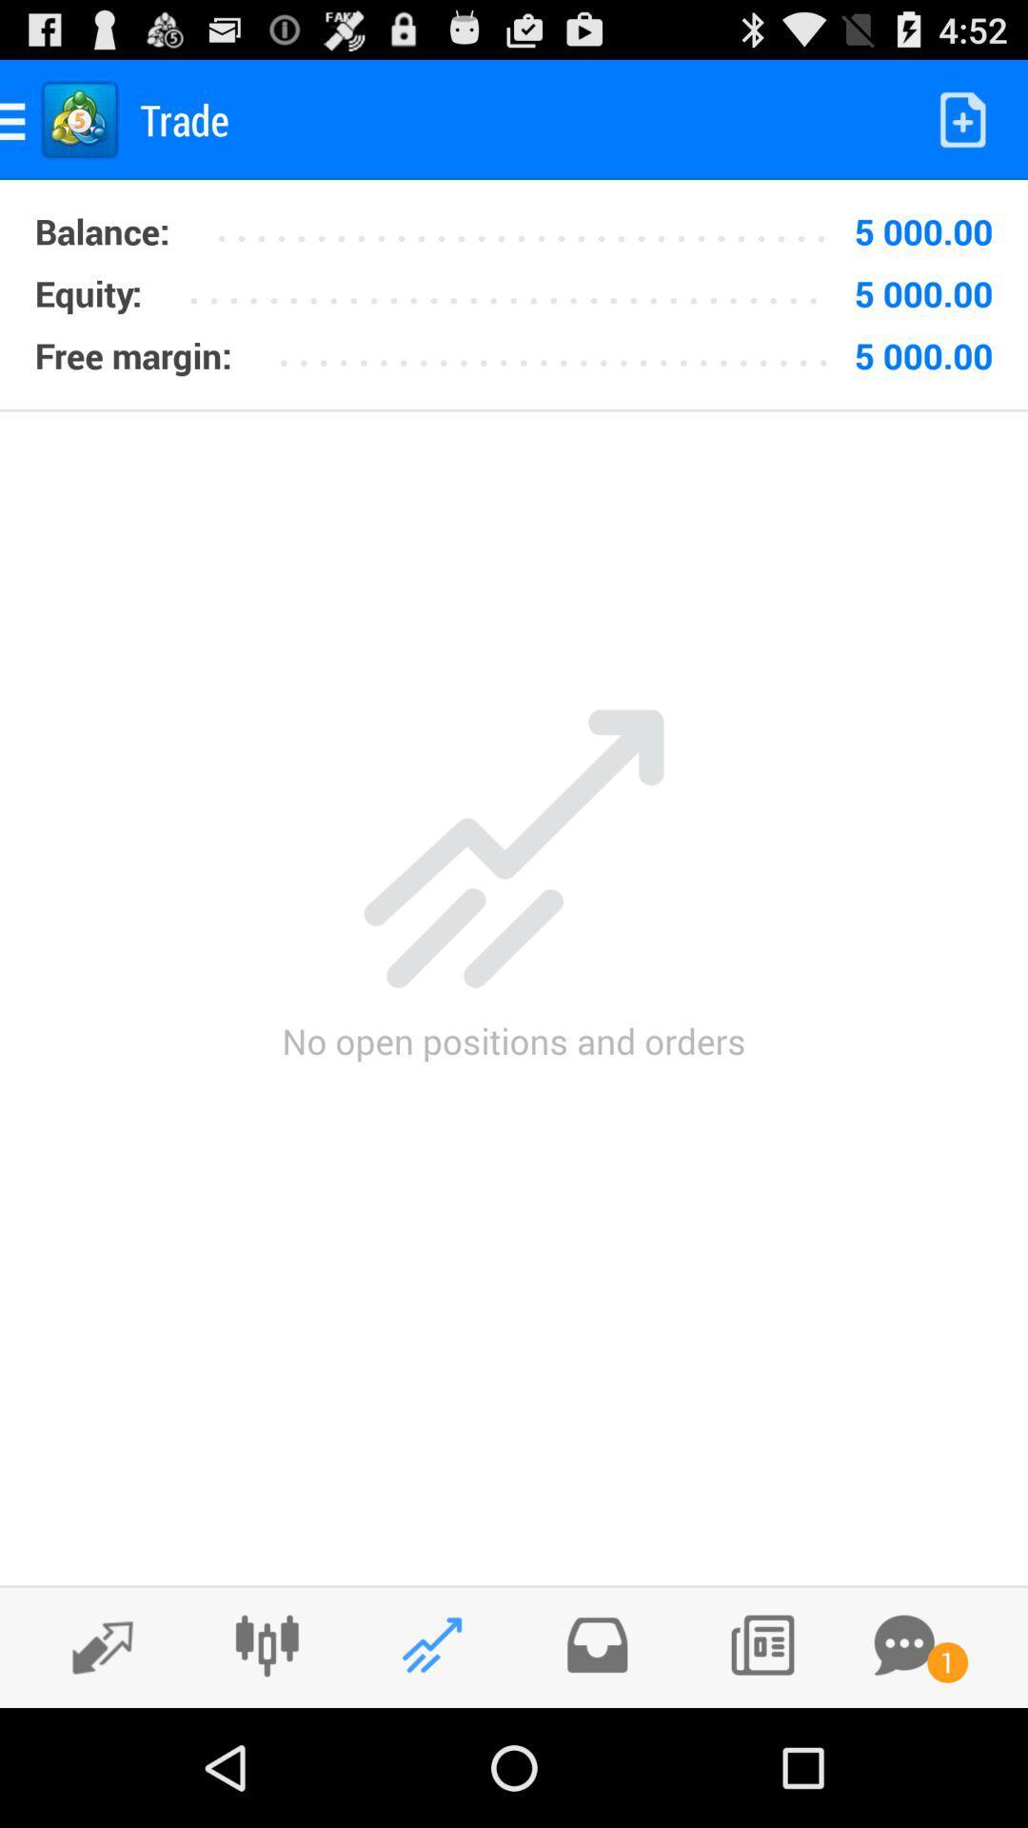 The height and width of the screenshot is (1828, 1028). Describe the element at coordinates (514, 409) in the screenshot. I see `the item below free margin:` at that location.